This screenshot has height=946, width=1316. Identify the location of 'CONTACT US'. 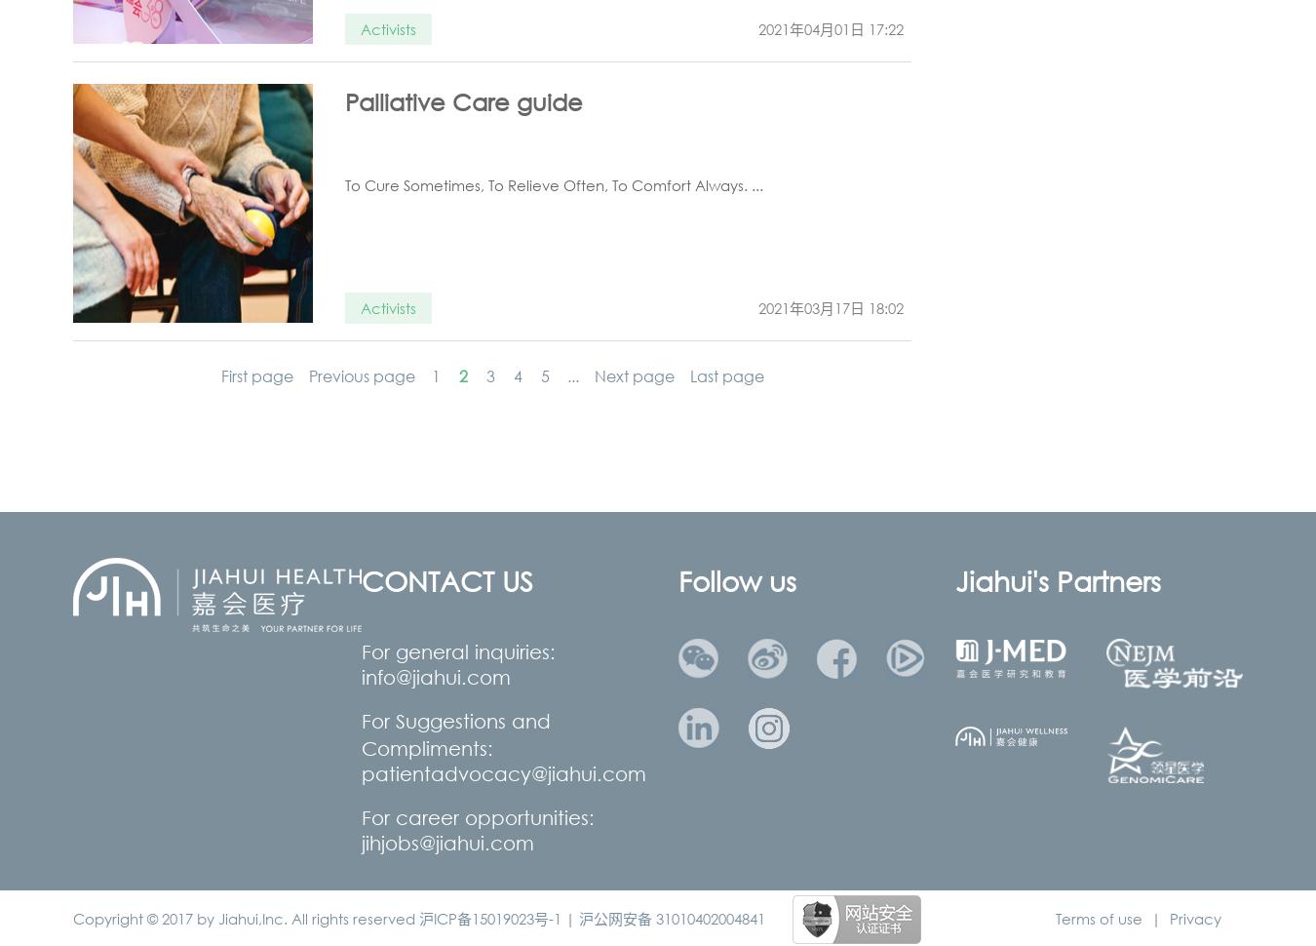
(446, 579).